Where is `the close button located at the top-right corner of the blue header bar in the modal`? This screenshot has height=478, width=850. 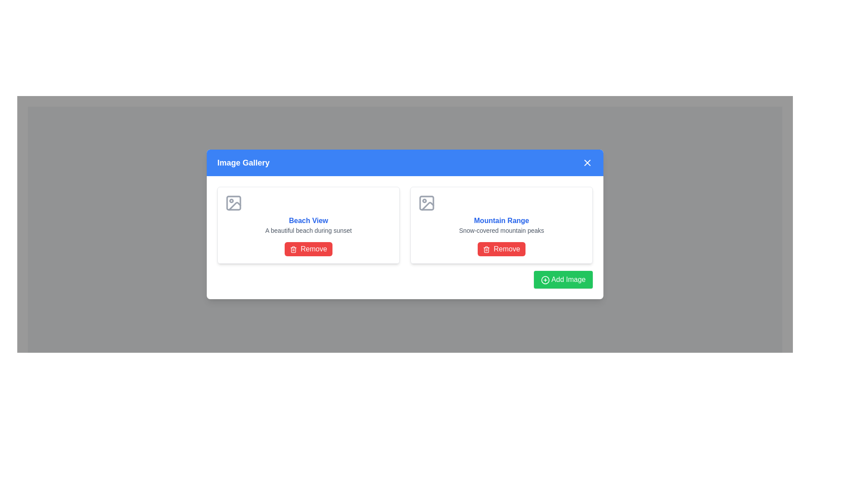
the close button located at the top-right corner of the blue header bar in the modal is located at coordinates (587, 162).